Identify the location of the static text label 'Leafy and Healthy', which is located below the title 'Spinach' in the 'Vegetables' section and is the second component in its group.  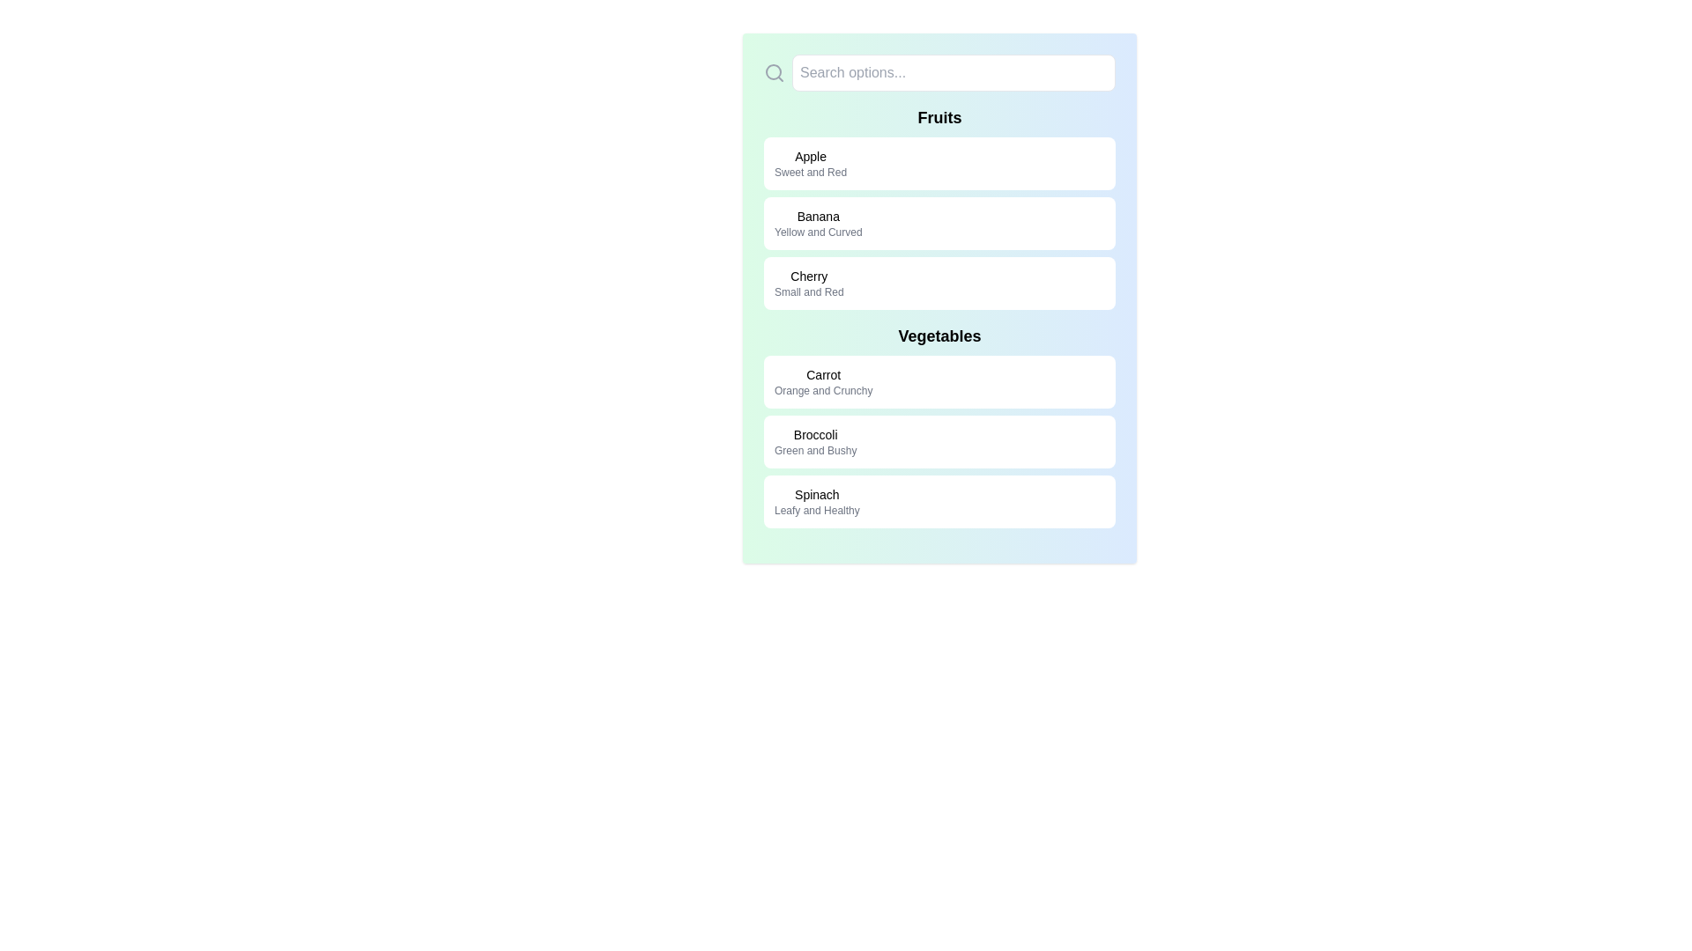
(816, 510).